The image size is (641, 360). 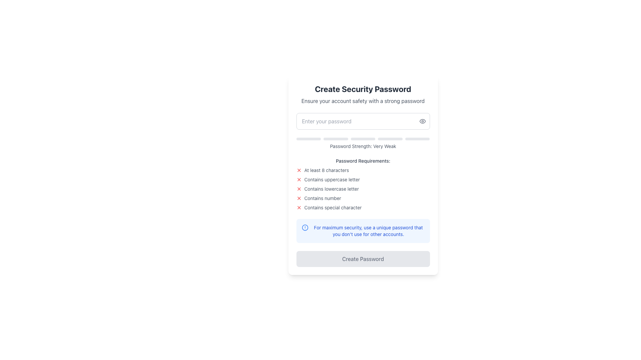 I want to click on the third checklist item indicating the presence of a lowercase letter in the password requirements, which is marked with a red 'X', so click(x=363, y=189).